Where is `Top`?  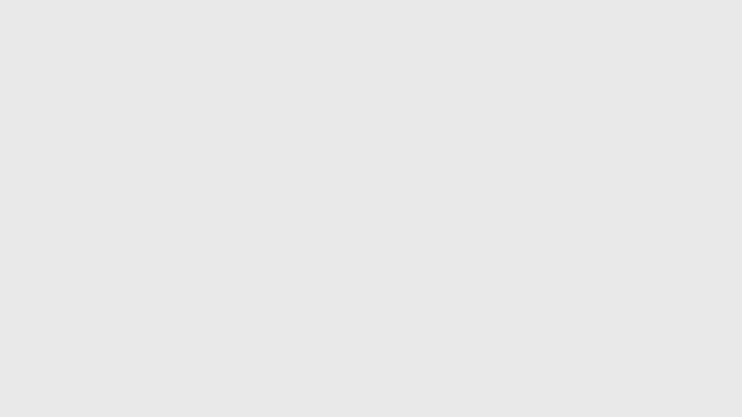 Top is located at coordinates (181, 76).